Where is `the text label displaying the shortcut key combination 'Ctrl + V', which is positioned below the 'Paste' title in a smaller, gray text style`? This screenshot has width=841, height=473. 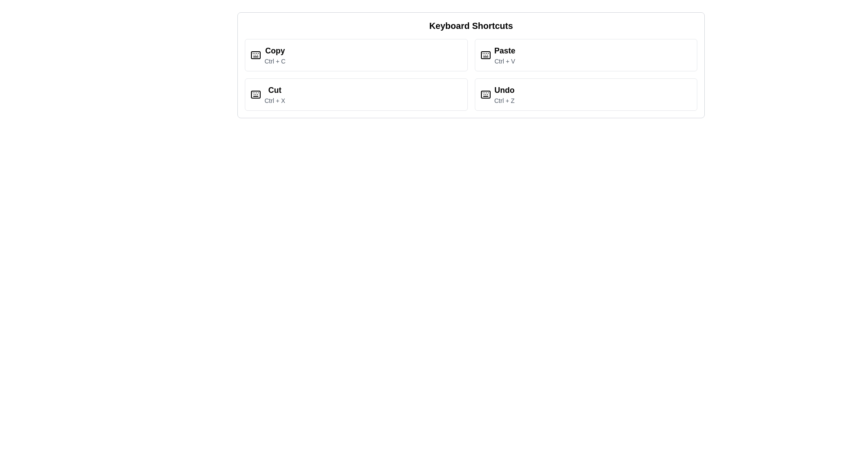 the text label displaying the shortcut key combination 'Ctrl + V', which is positioned below the 'Paste' title in a smaller, gray text style is located at coordinates (505, 60).